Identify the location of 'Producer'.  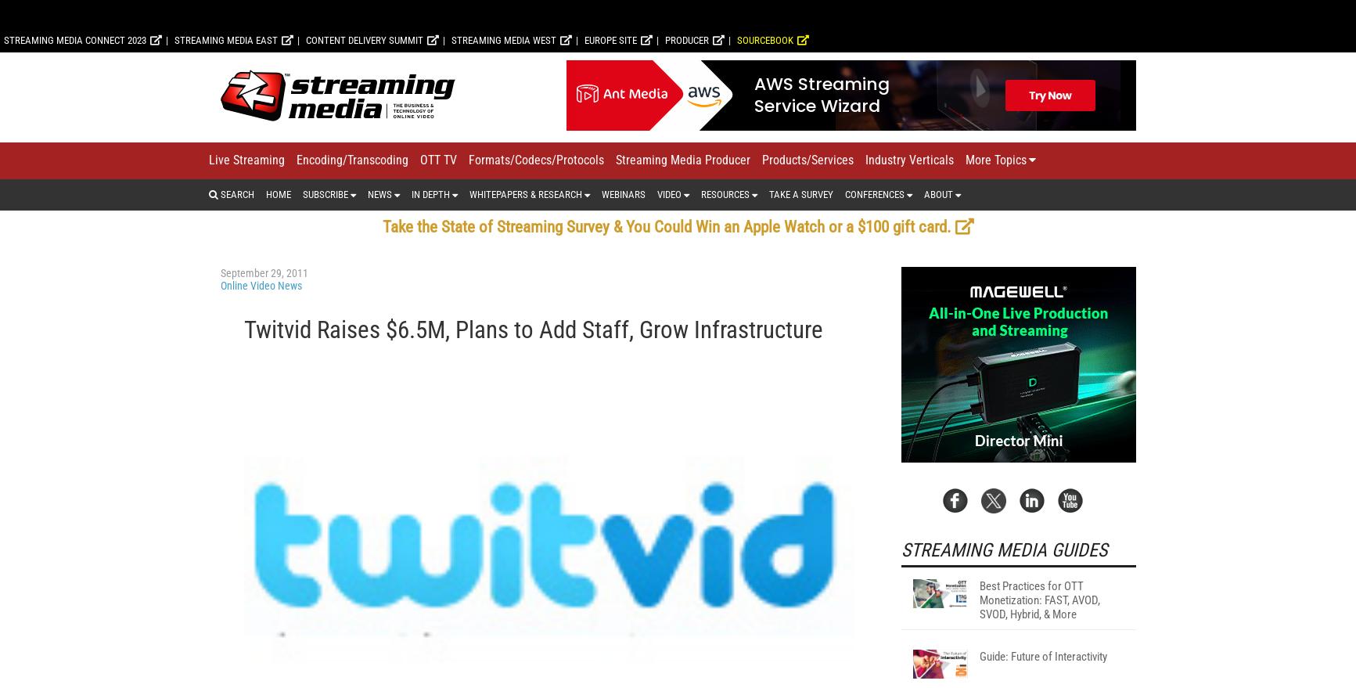
(685, 244).